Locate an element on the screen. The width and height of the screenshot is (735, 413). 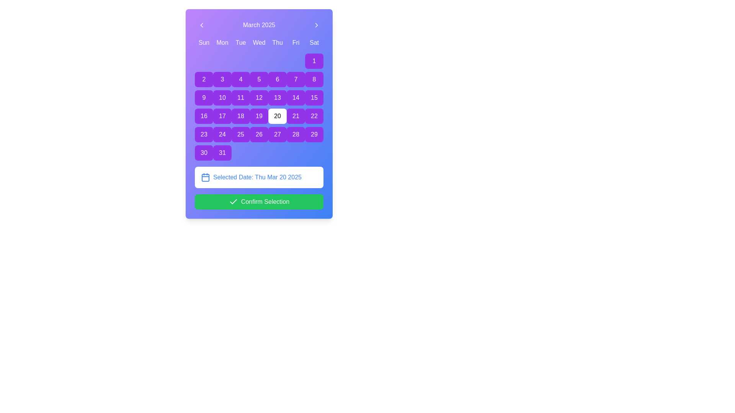
the green button labeled 'Confirm Selection' which contains the checkmark icon situated at its leftmost part is located at coordinates (233, 202).